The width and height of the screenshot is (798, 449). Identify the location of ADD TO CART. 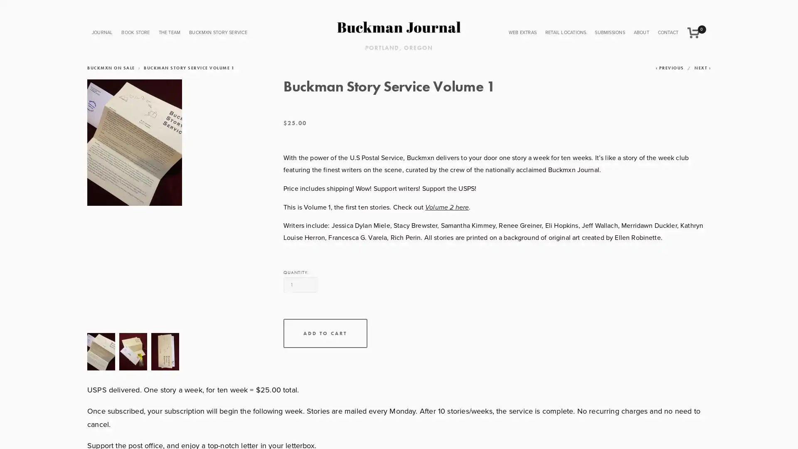
(325, 333).